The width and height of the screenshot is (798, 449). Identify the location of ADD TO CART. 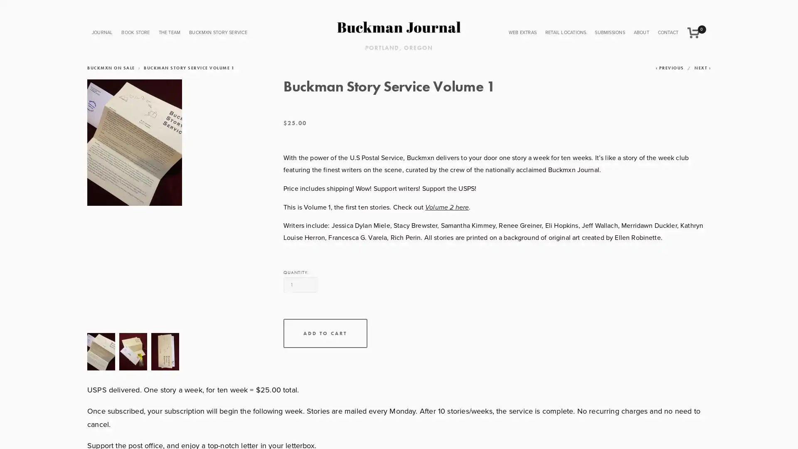
(325, 333).